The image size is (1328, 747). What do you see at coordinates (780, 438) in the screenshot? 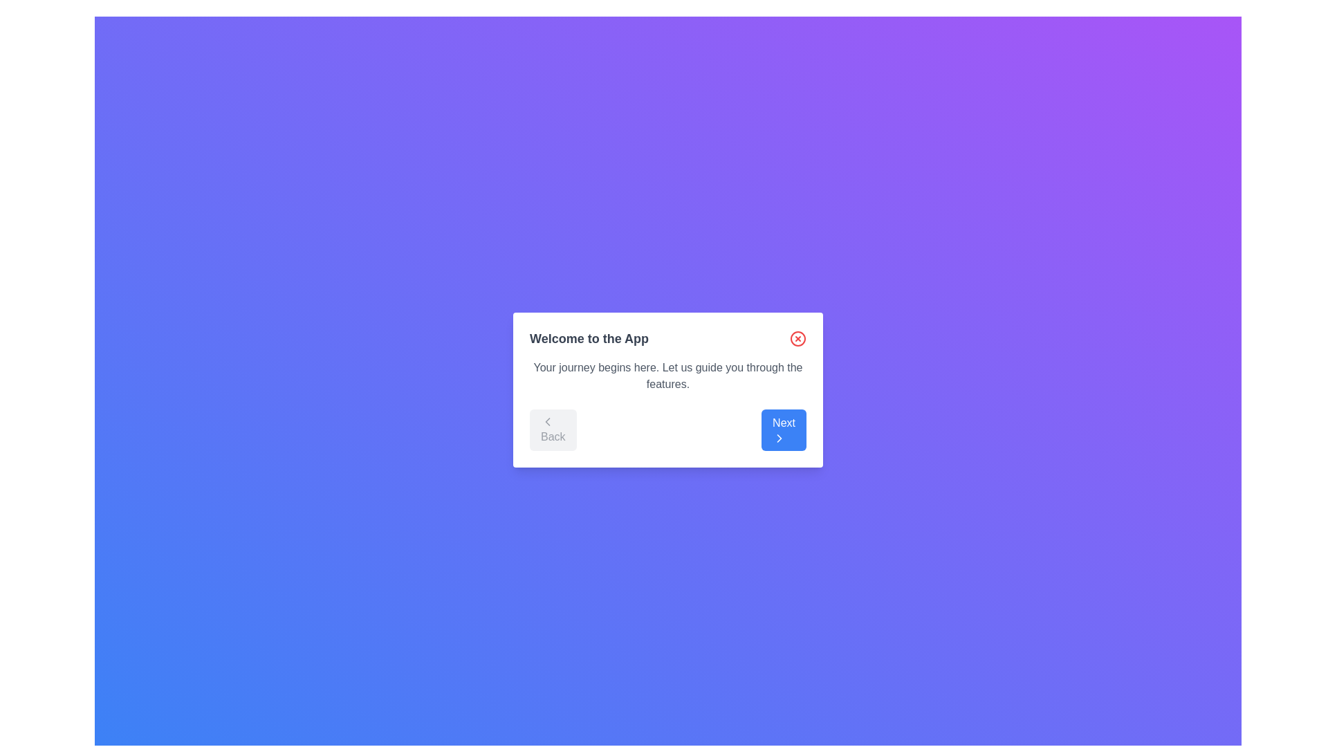
I see `the 'Next' button that contains the arrow icon for forward navigation` at bounding box center [780, 438].